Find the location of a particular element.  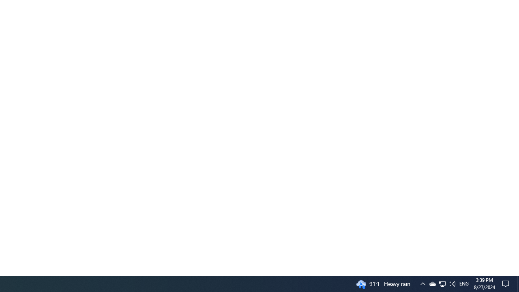

'Show desktop' is located at coordinates (517, 283).